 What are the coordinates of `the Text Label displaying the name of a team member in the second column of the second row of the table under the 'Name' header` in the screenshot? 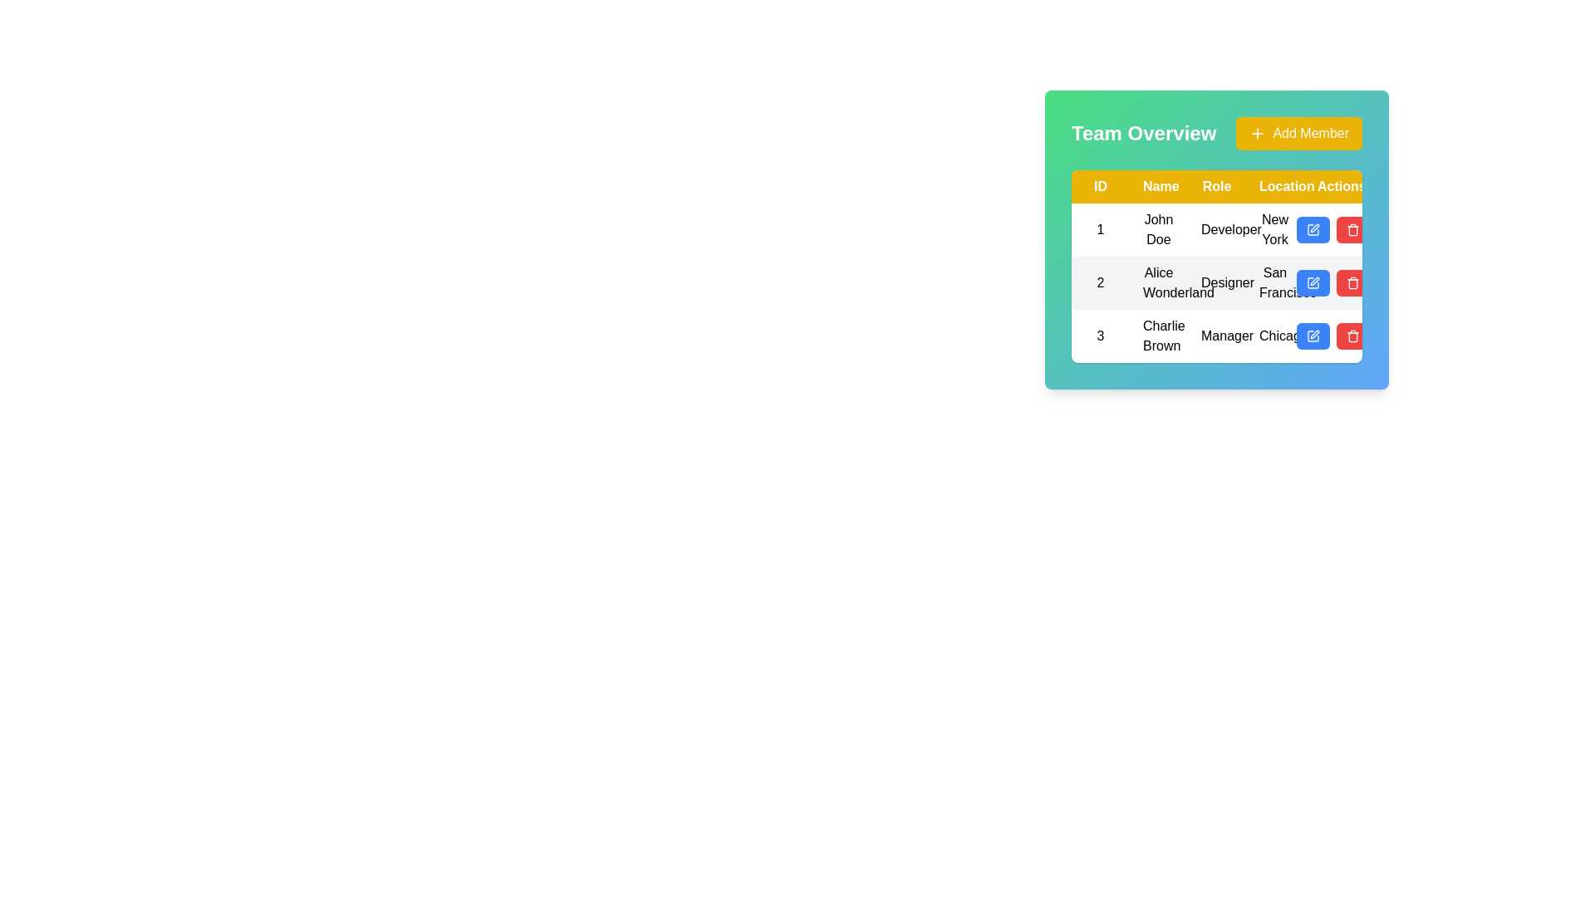 It's located at (1158, 282).